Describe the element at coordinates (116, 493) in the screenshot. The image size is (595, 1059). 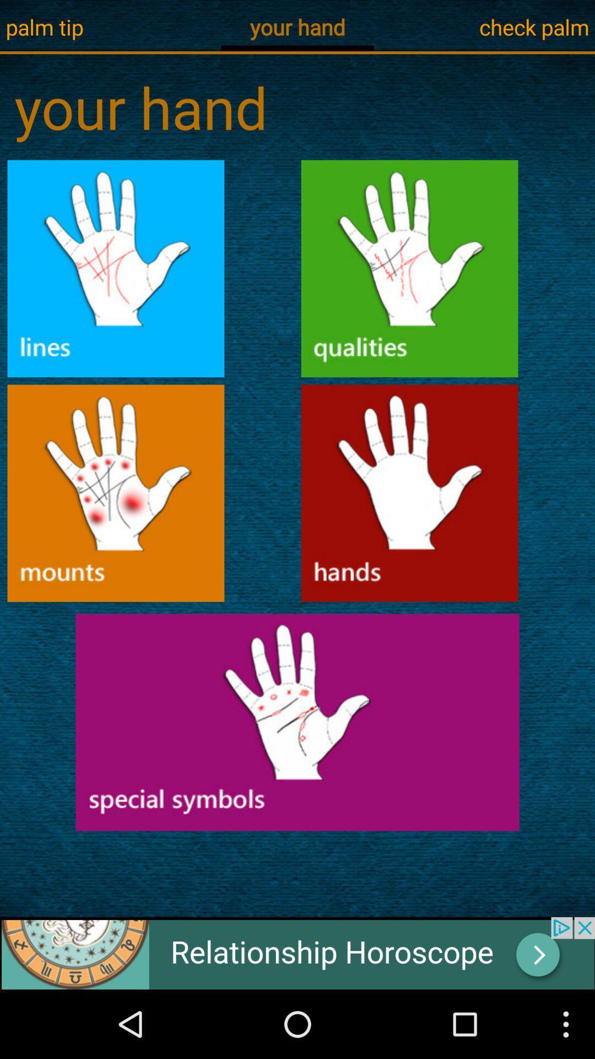
I see `mounts option` at that location.